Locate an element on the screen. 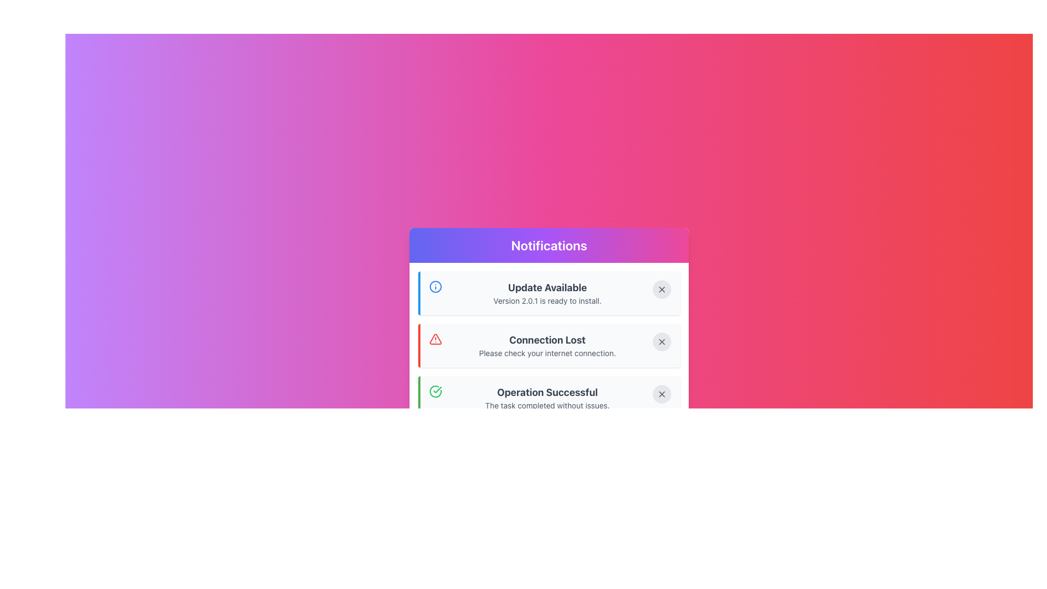  static text label displaying 'Please check your internet connection.' which is located beneath the 'Connection Lost' header in the notification card is located at coordinates (547, 353).